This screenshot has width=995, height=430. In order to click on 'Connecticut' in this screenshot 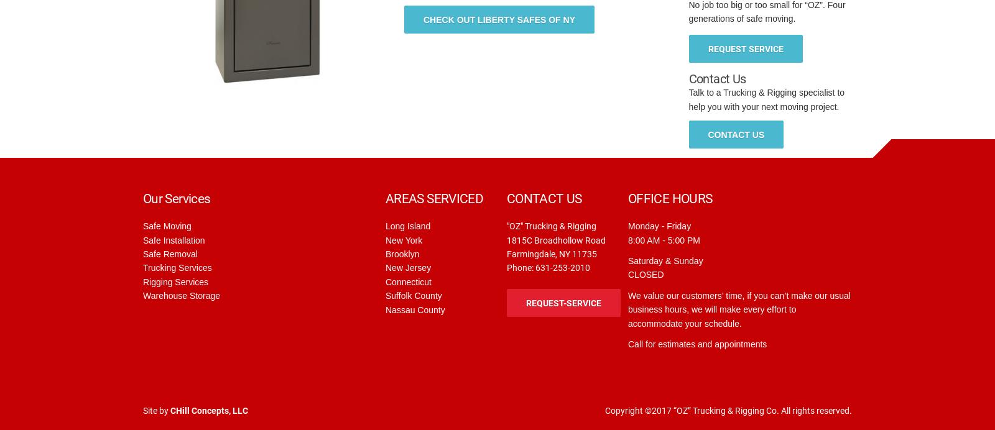, I will do `click(408, 281)`.